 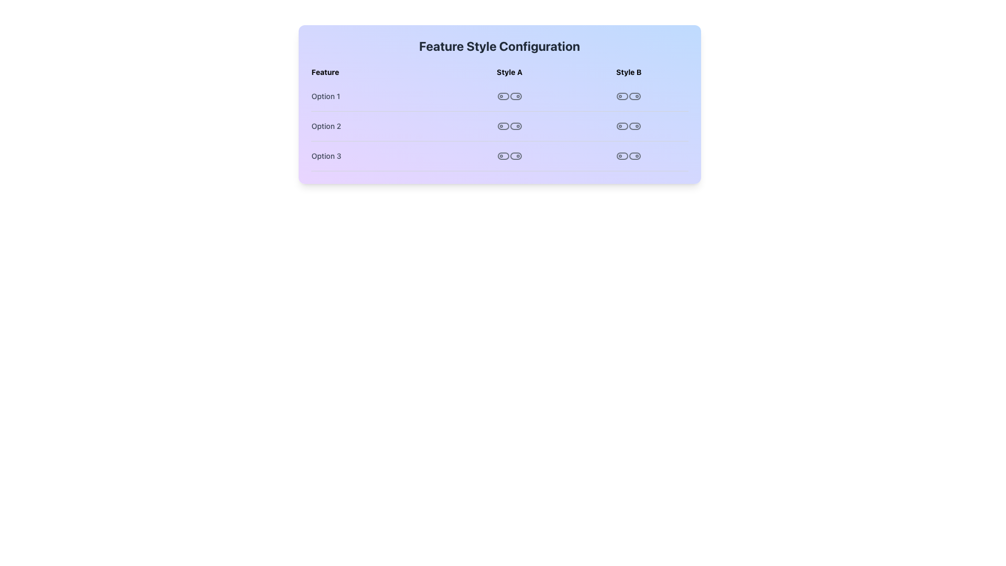 What do you see at coordinates (509, 72) in the screenshot?
I see `the label indicating 'Style A', which is horizontally centered between 'Feature' and 'Style B'` at bounding box center [509, 72].